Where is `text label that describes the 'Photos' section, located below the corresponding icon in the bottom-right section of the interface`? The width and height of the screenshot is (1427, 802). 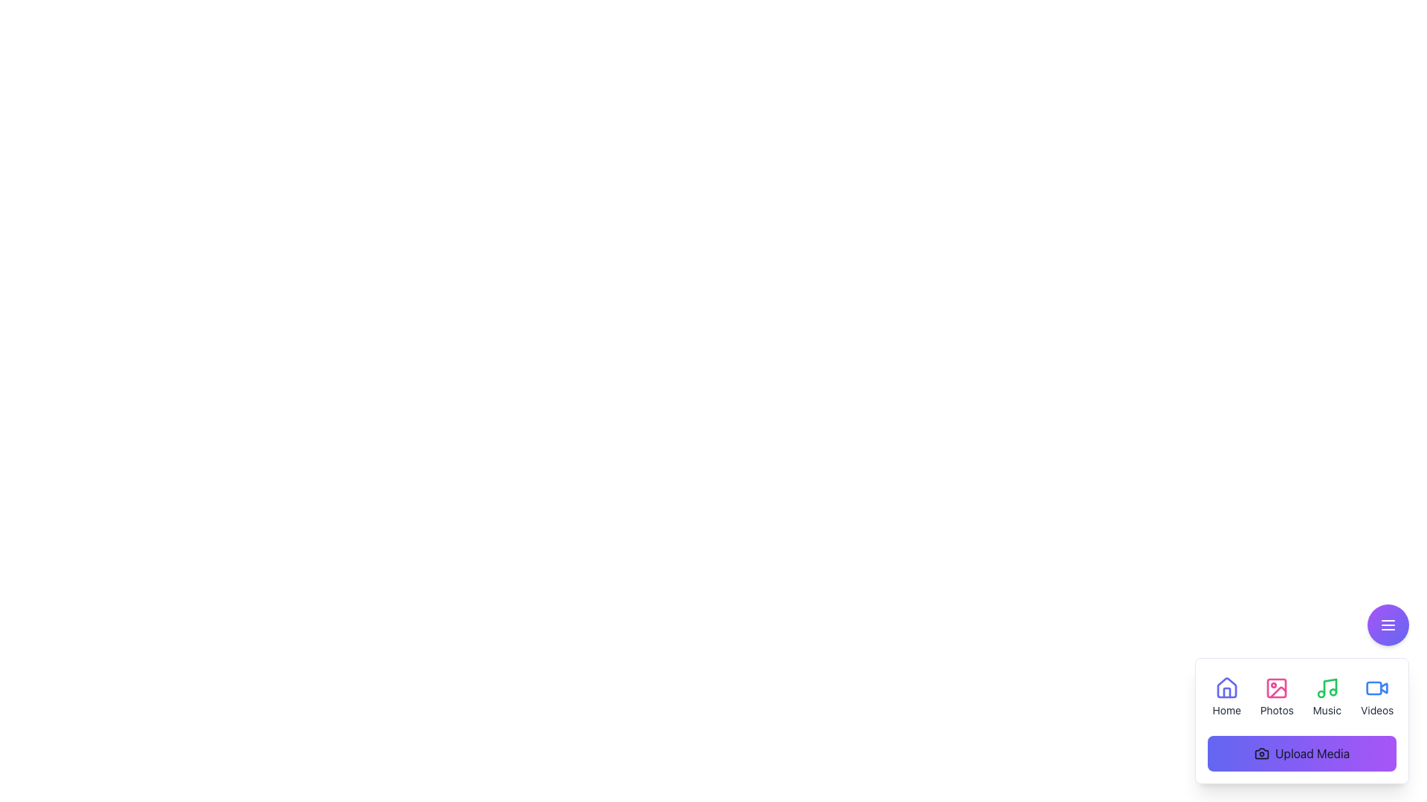
text label that describes the 'Photos' section, located below the corresponding icon in the bottom-right section of the interface is located at coordinates (1276, 709).